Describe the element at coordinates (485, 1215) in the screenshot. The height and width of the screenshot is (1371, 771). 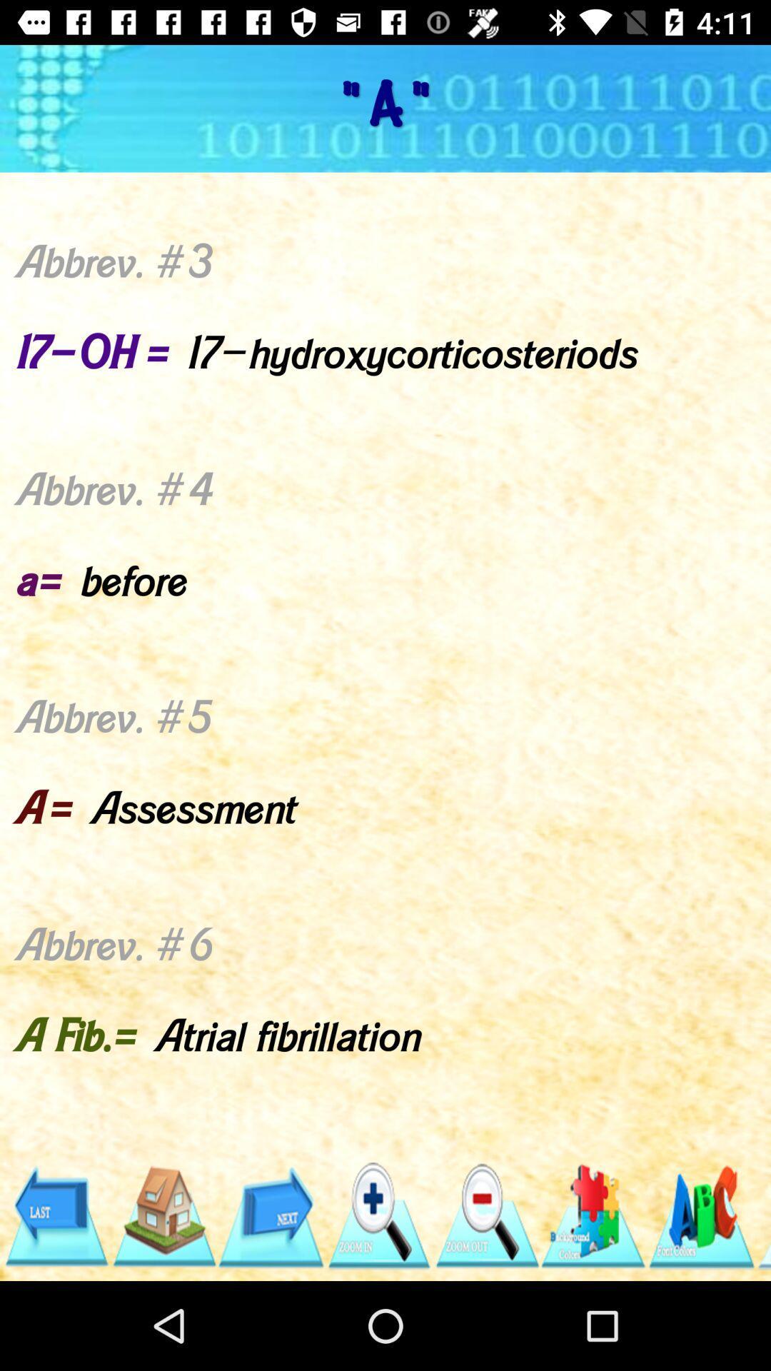
I see `zoom out` at that location.